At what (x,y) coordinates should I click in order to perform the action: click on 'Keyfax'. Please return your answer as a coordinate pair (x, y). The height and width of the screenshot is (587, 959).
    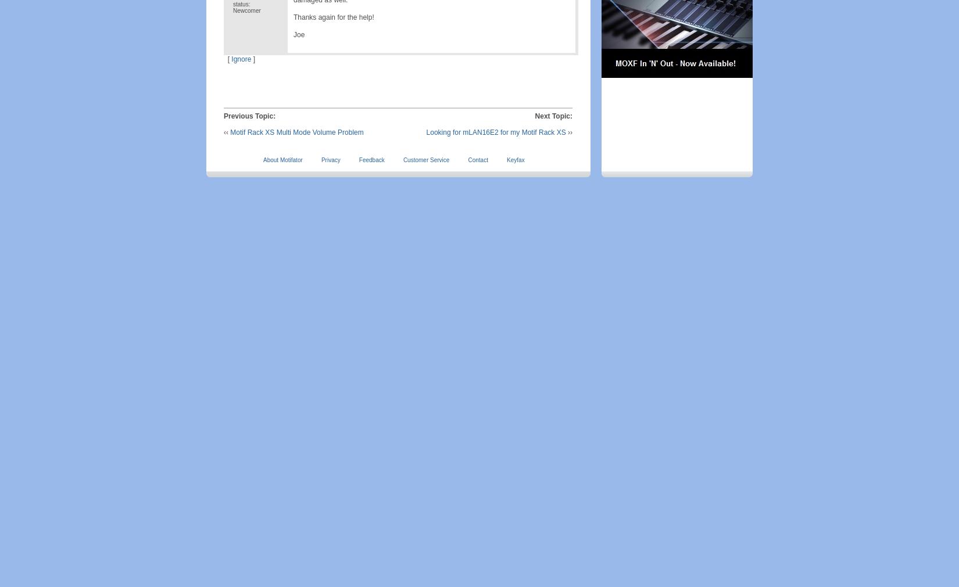
    Looking at the image, I should click on (516, 160).